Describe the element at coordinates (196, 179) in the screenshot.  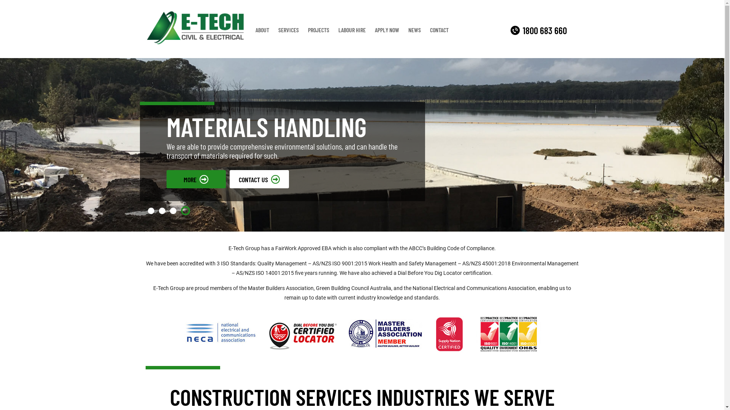
I see `'MORE'` at that location.